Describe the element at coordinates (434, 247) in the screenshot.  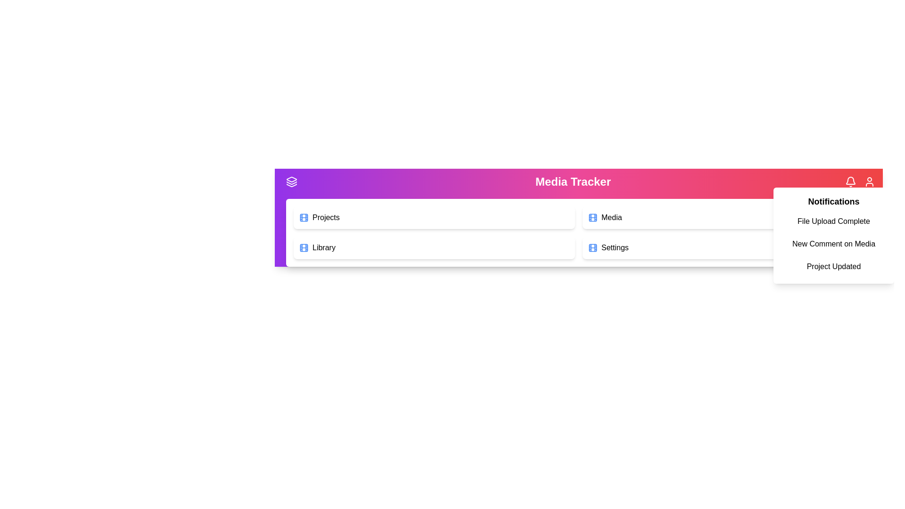
I see `the navigation menu item Library` at that location.